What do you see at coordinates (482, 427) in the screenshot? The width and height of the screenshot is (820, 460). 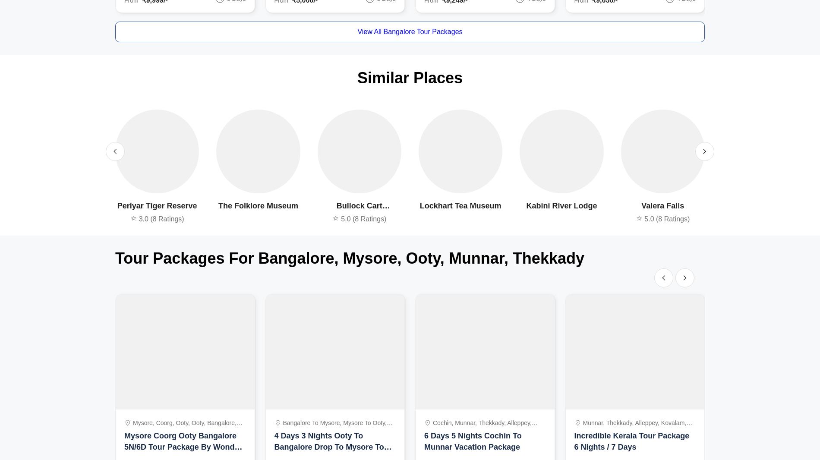 I see `'cochin, munnar, thekkady, alleppey, india'` at bounding box center [482, 427].